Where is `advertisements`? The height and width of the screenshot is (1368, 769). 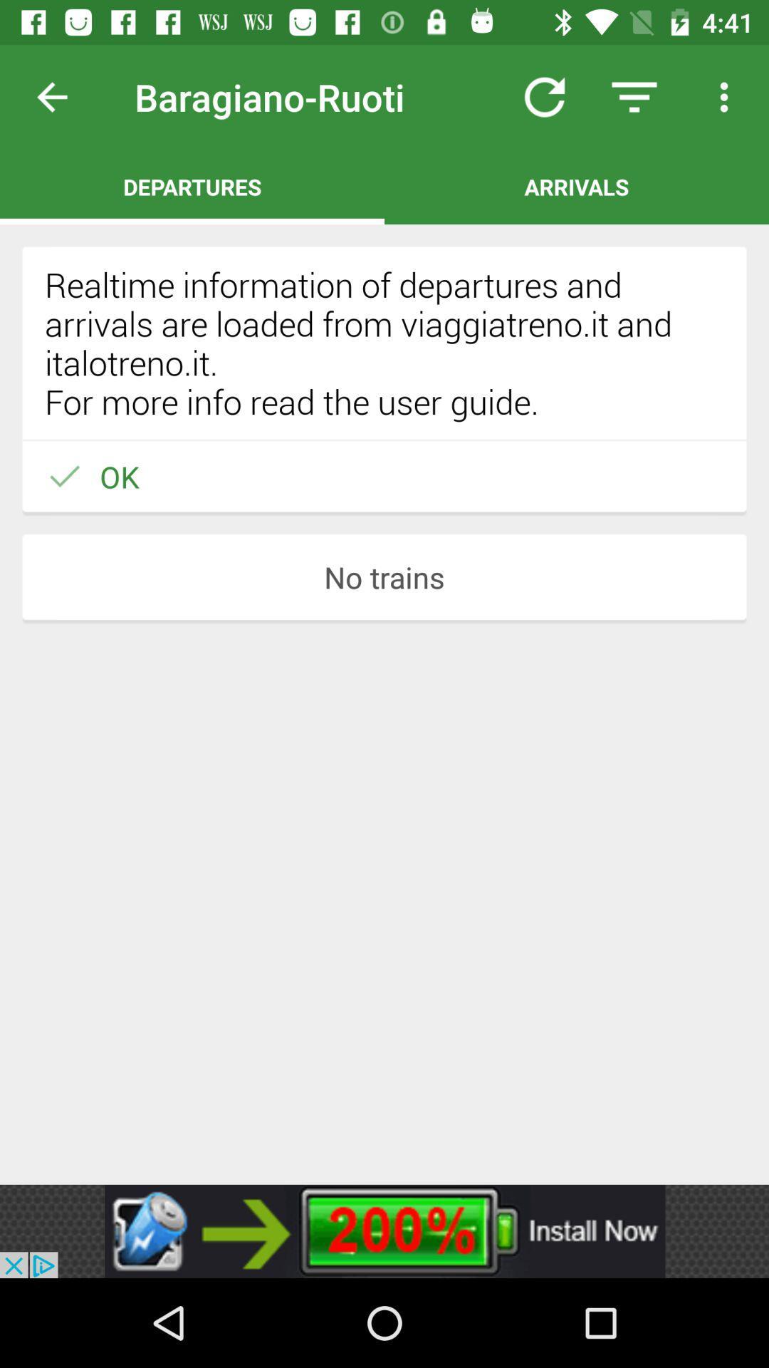
advertisements is located at coordinates (384, 1230).